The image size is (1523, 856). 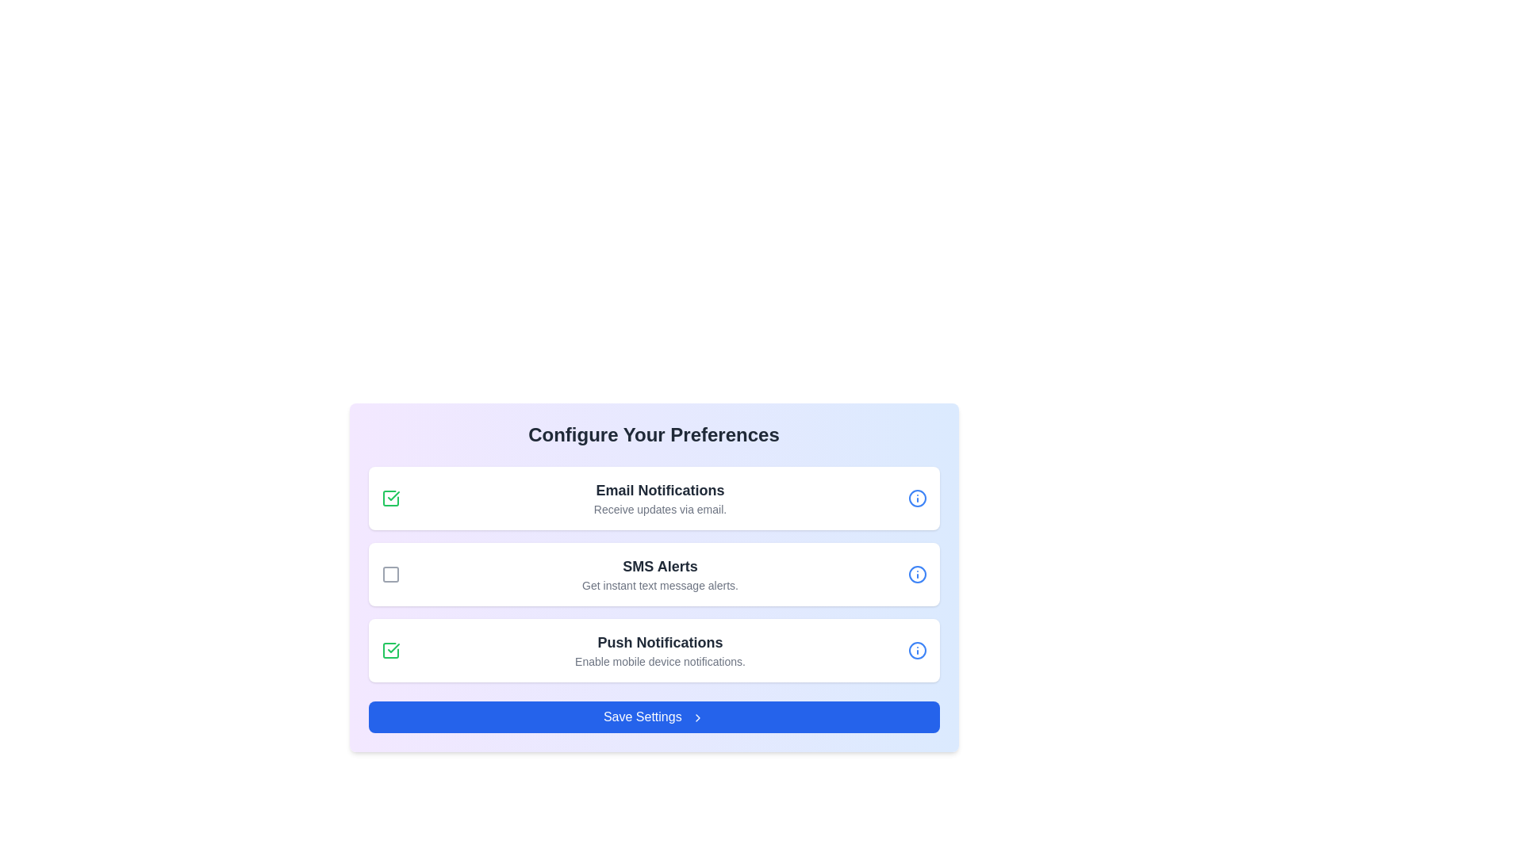 I want to click on the 'Email Notifications' checkbox, so click(x=390, y=497).